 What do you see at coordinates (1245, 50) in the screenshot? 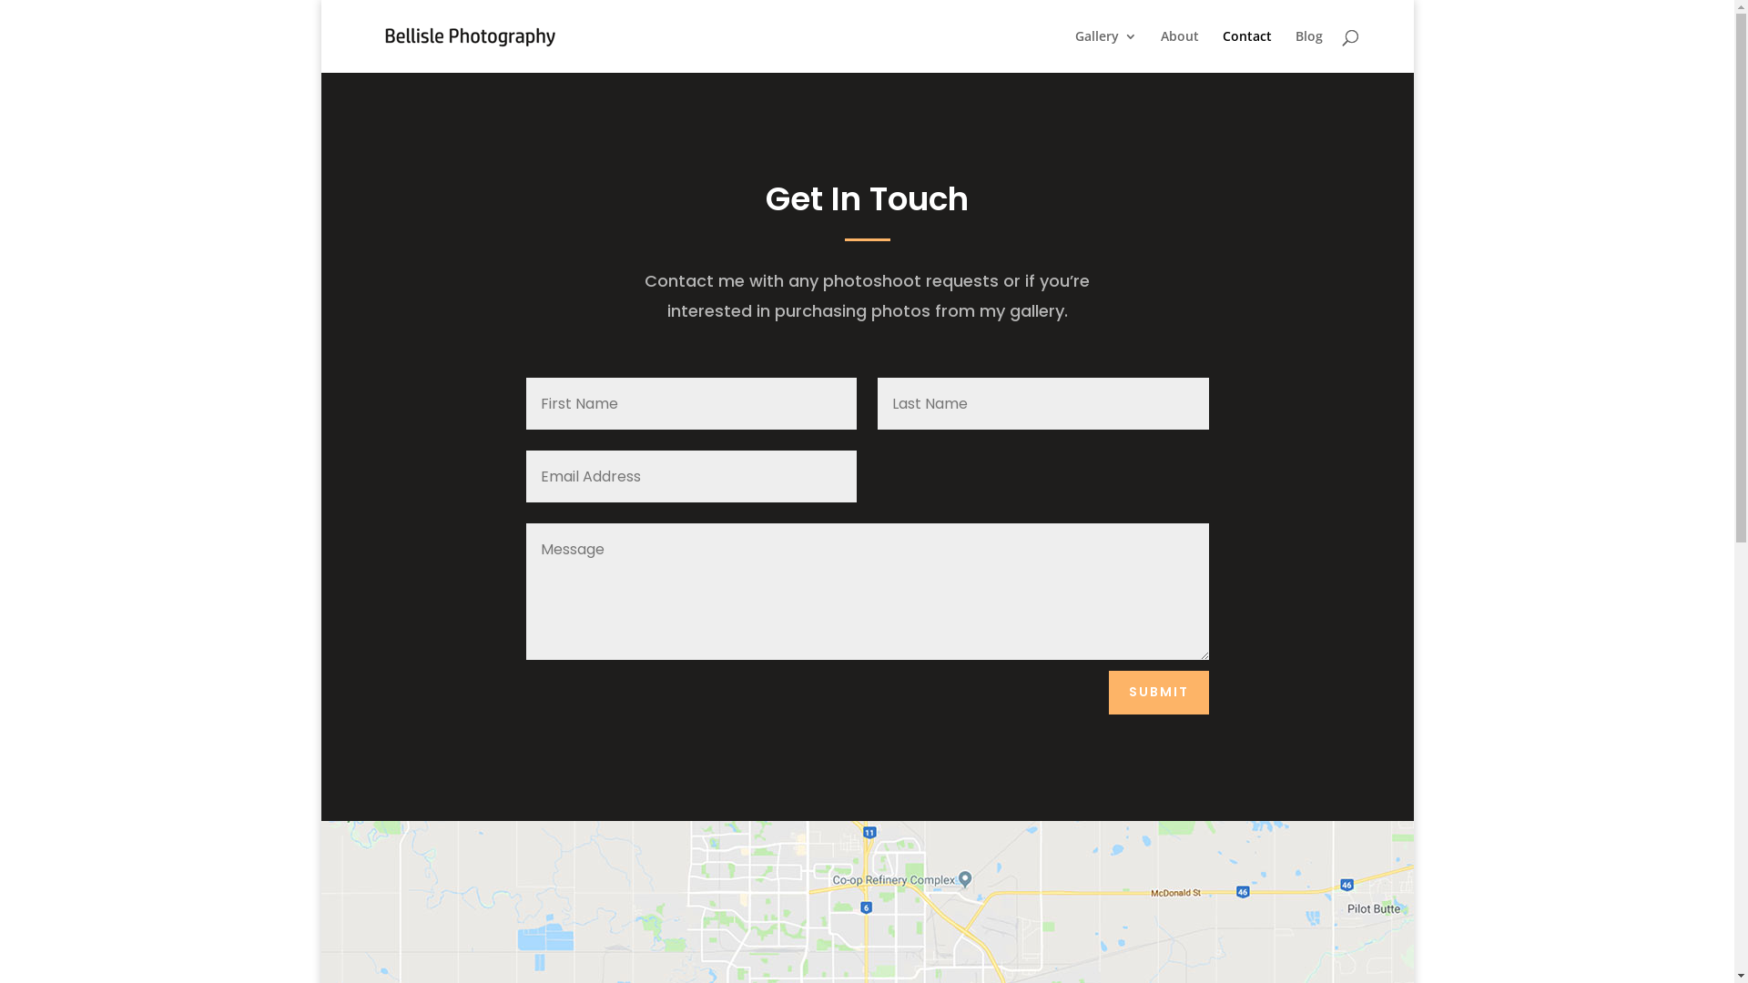
I see `'Contact'` at bounding box center [1245, 50].